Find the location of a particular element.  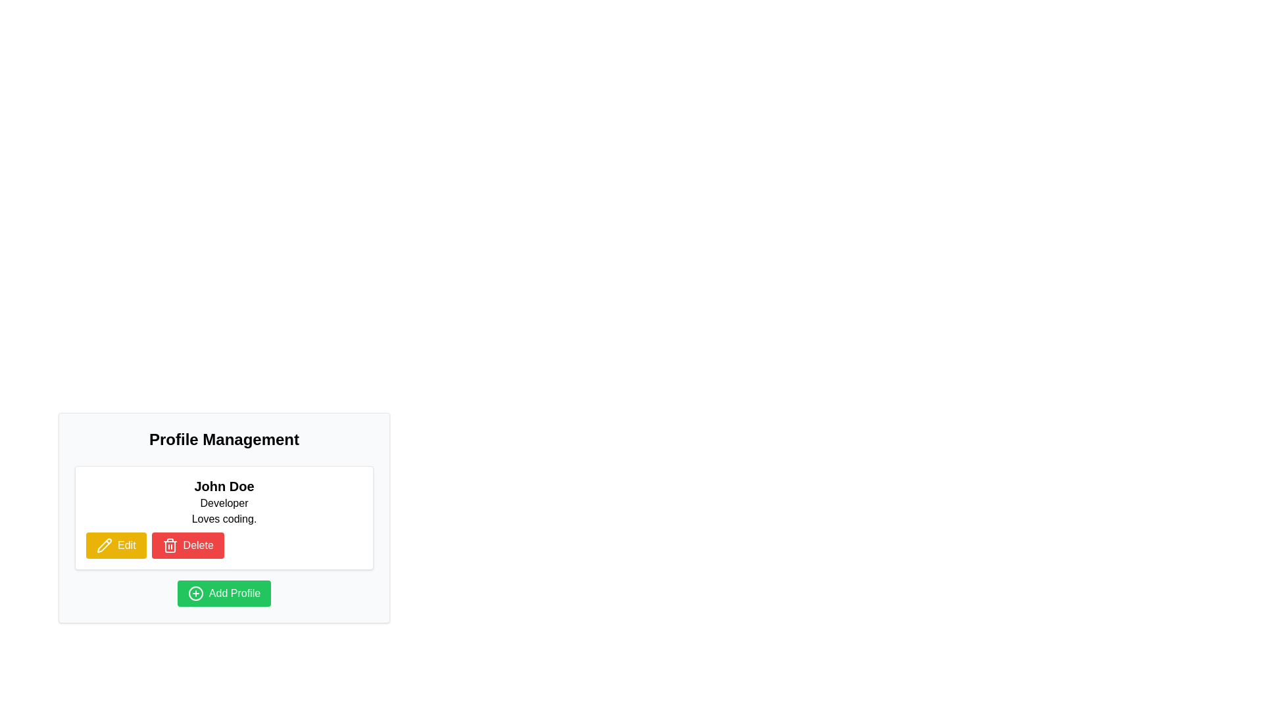

the static text 'Loves coding.' located below the name 'John Doe' and the role 'Developer' in the user profile card is located at coordinates (224, 519).